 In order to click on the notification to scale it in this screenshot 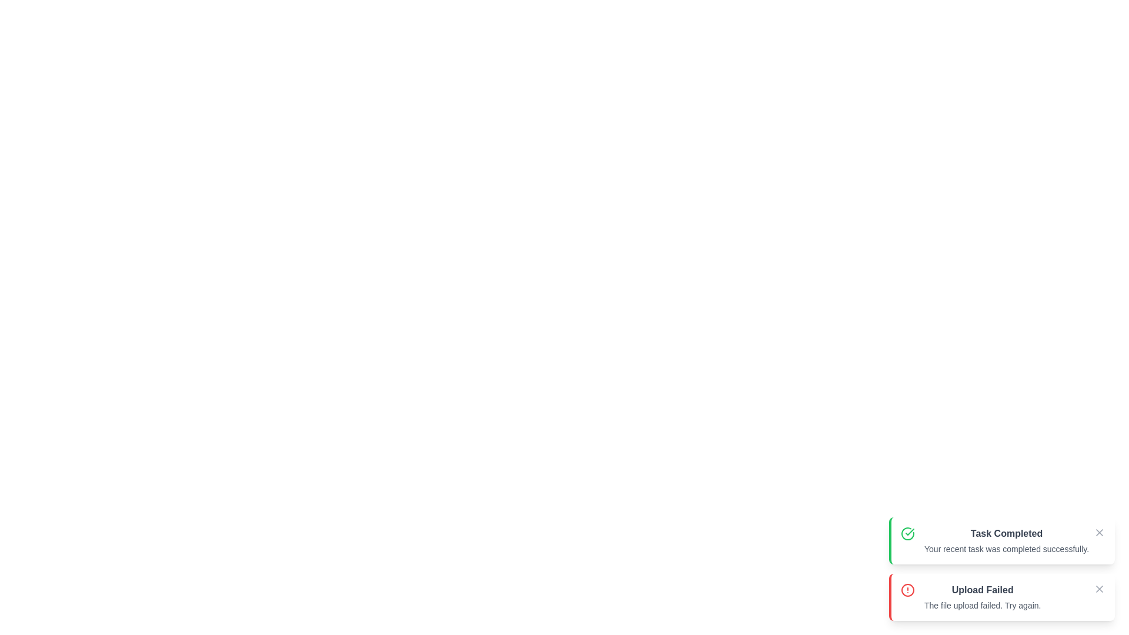, I will do `click(1001, 541)`.